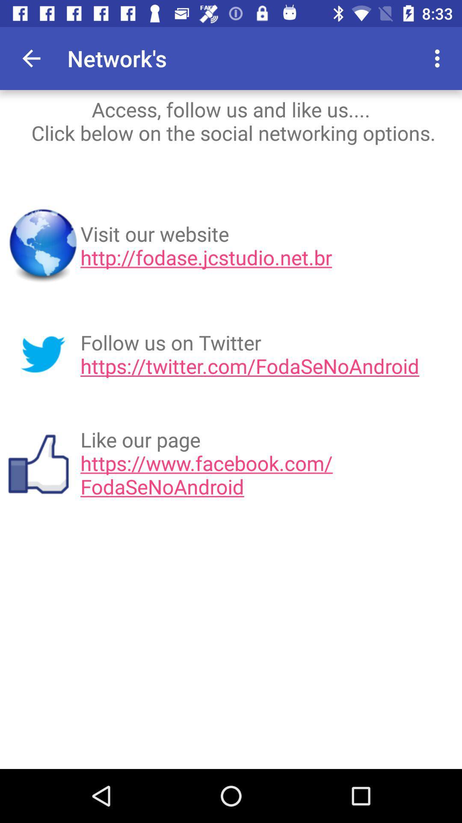 This screenshot has width=462, height=823. What do you see at coordinates (268, 245) in the screenshot?
I see `the item below access follow us` at bounding box center [268, 245].